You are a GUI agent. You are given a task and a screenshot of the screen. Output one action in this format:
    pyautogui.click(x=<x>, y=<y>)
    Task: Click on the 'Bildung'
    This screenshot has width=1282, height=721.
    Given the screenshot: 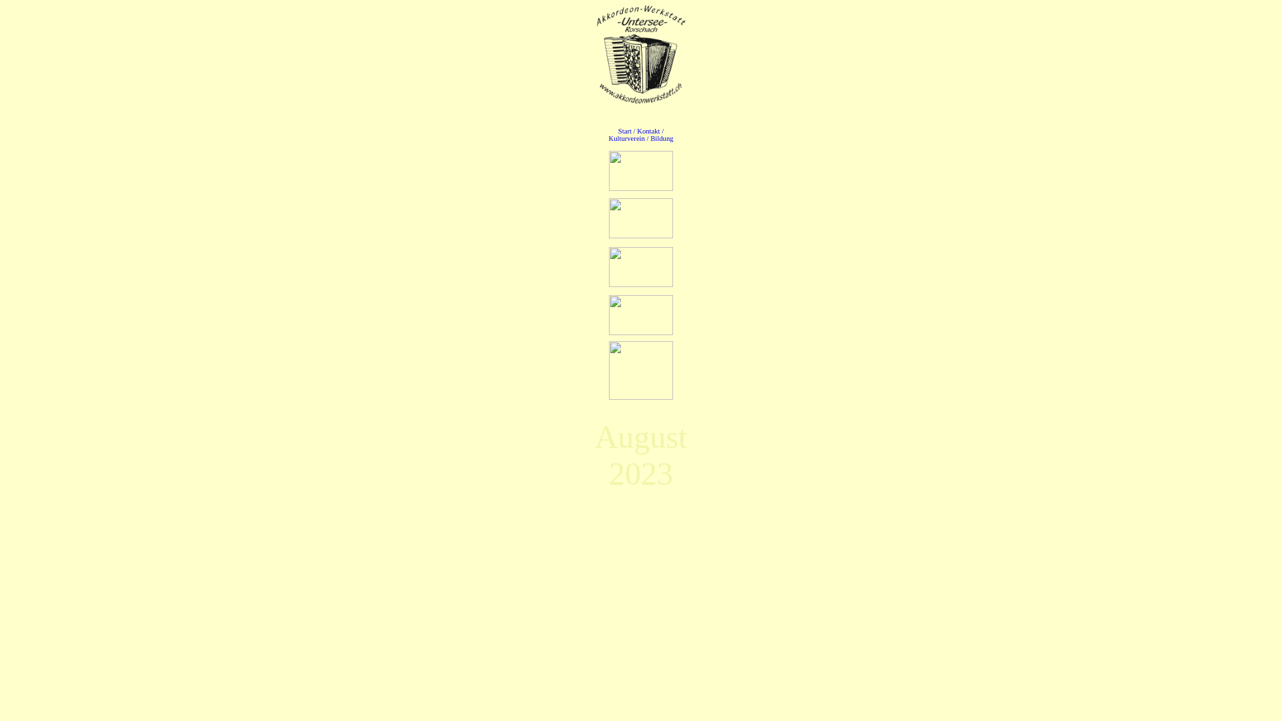 What is the action you would take?
    pyautogui.click(x=650, y=138)
    